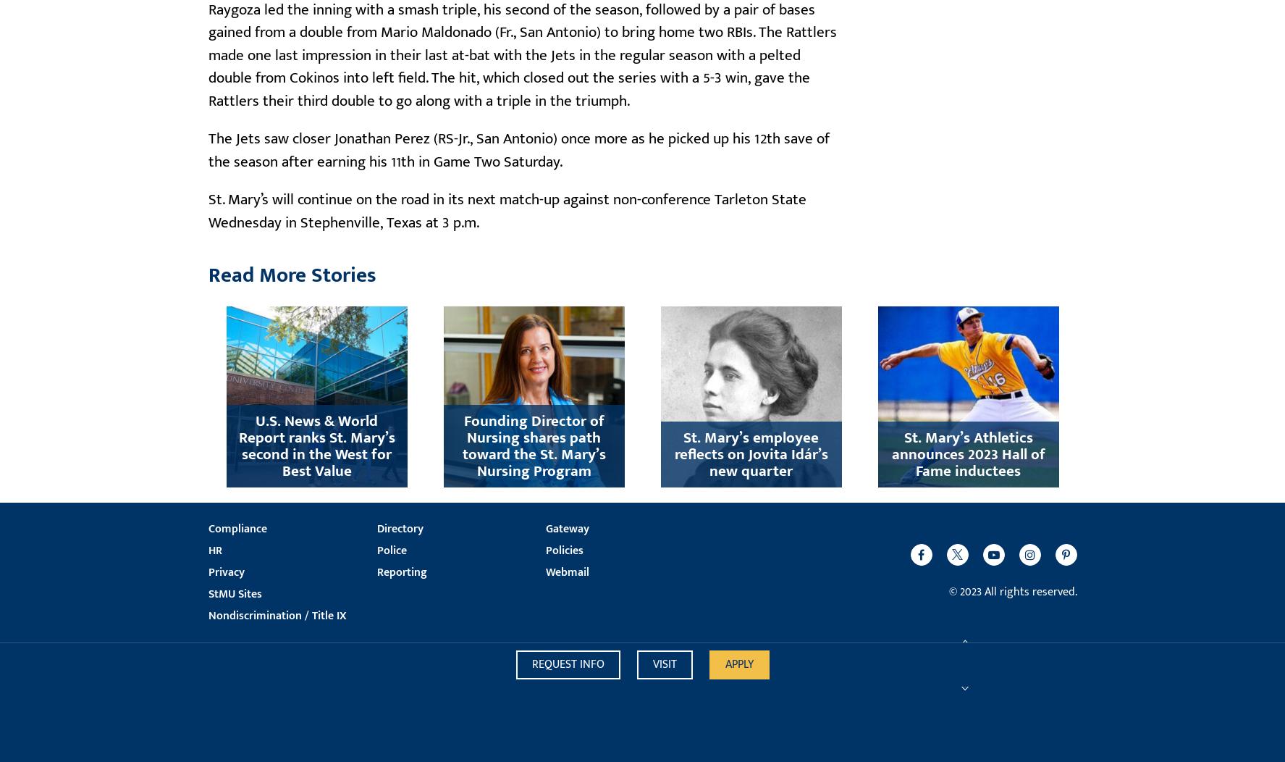 The image size is (1285, 762). Describe the element at coordinates (738, 664) in the screenshot. I see `'Apply'` at that location.